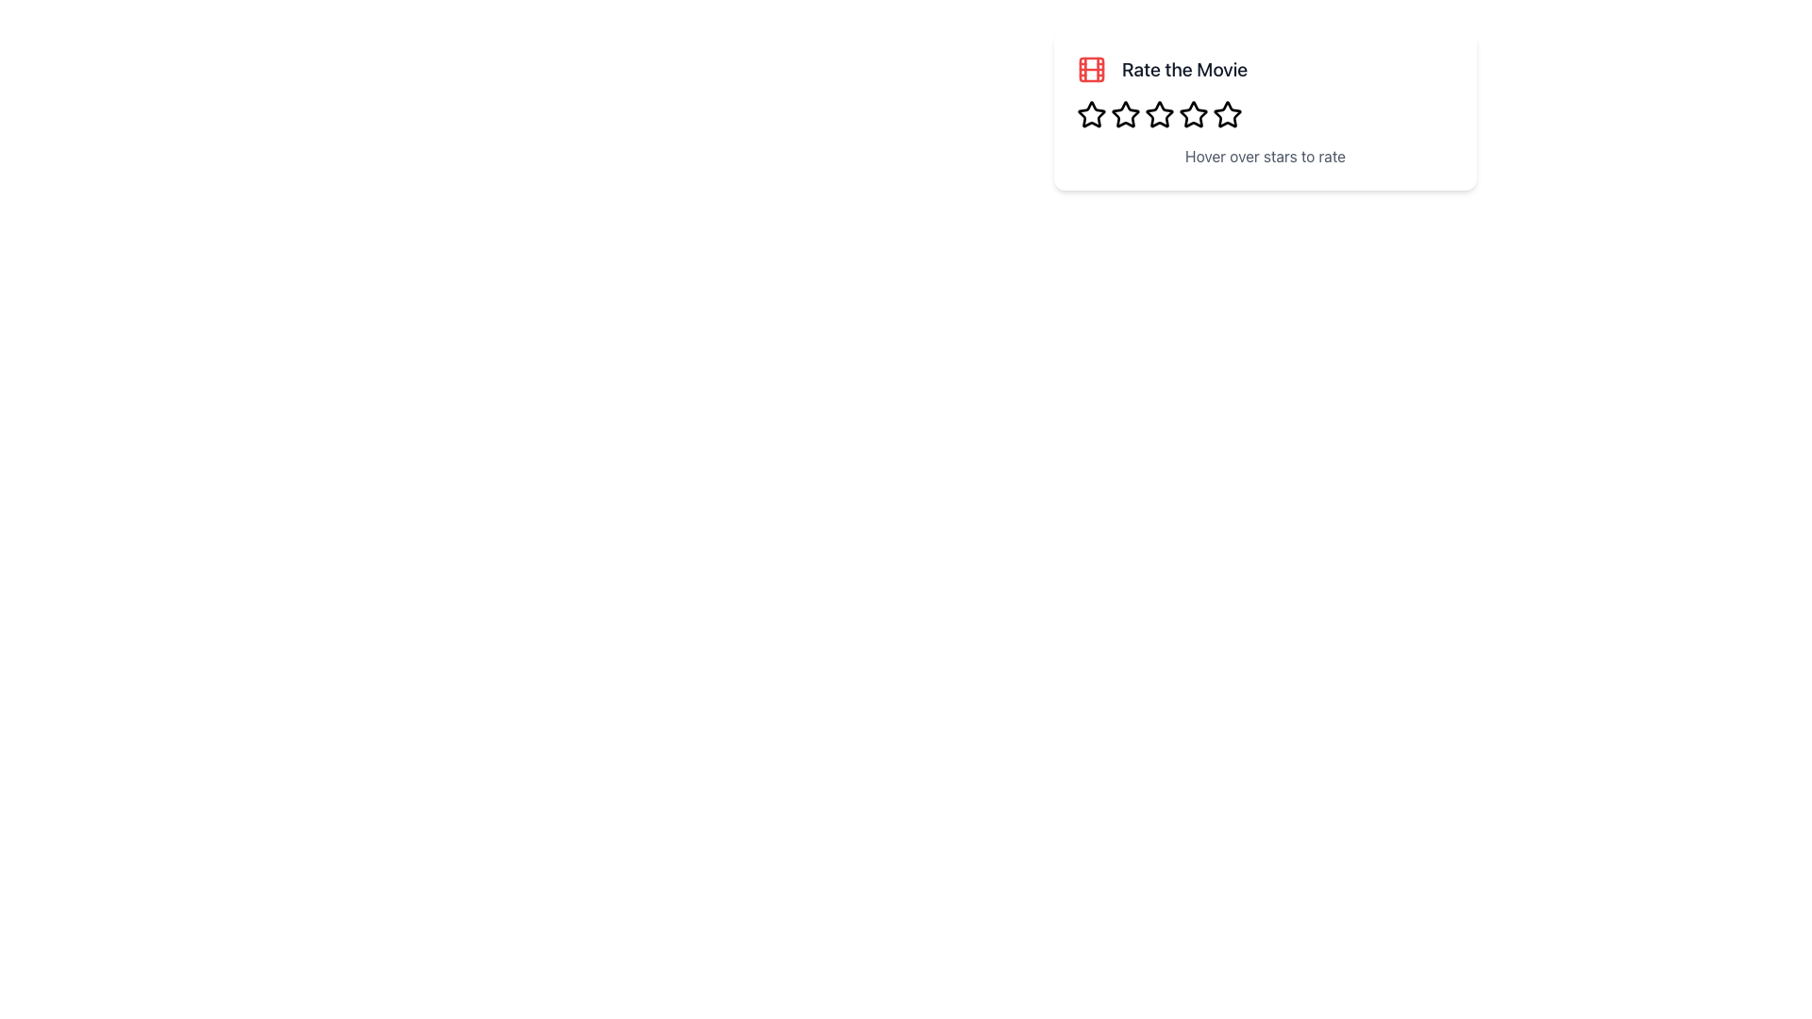 Image resolution: width=1812 pixels, height=1019 pixels. What do you see at coordinates (1126, 115) in the screenshot?
I see `the second hollow star-shaped icon in the horizontal rating bar located below the text 'Rate the Movie'` at bounding box center [1126, 115].